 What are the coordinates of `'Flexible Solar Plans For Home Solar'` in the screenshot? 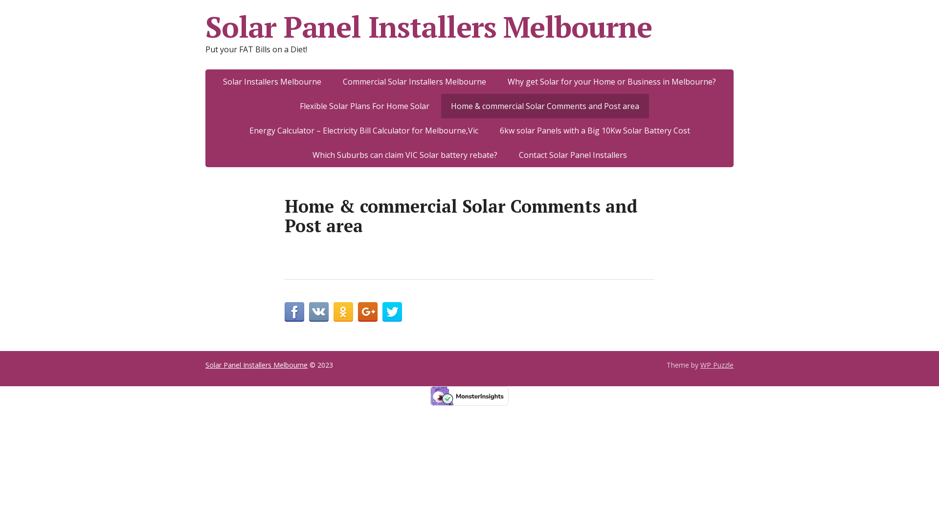 It's located at (364, 106).